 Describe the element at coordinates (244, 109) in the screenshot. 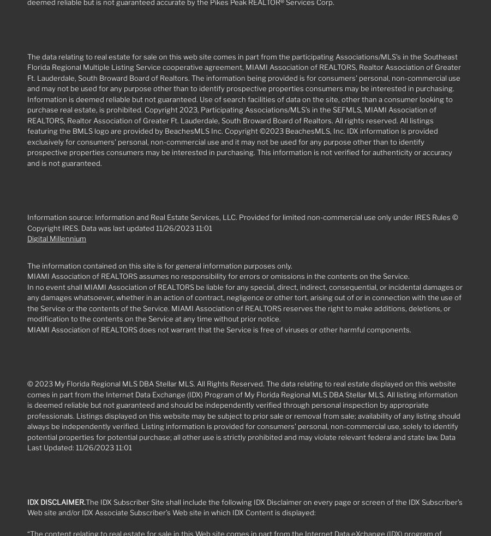

I see `'The data relating to real estate for sale on this web site comes in part from the participating Associations/MLS’s in the Southeast Florida Regional Multiple Listing Service cooperative agreement, MIAMI Association of REALTORS, Realtor Association of Greater Ft. Lauderdale, South Broward Board of Realtors. The information being provided is for consumers' personal, non-commercial use and may not be used for any purpose other than to identify prospective properties consumers may be interested in purchasing. Information is deemed reliable but not guaranteed. Use of search facilities of data on the site, other than a consumer looking to purchase real estate, is prohibited. Copyright 2023, Participating Associations/MLS’s in the SEFMLS, MIAMI Association of REALTORS, Realtor Association of Greater Ft. Lauderdale, South Broward Board of Realtors. All rights reserved. 
All listings featuring the BMLS logo are provided by BeachesMLS Inc. Copyright ©2023 BeachesMLS, Inc.
IDX information is provided exclusively for consumers' personal, non-commercial use and it may not be used for any purpose other than to identify prospective properties consumers may be interested in purchasing. This information is not verified for authenticity or accuracy and is not guaranteed.'` at that location.